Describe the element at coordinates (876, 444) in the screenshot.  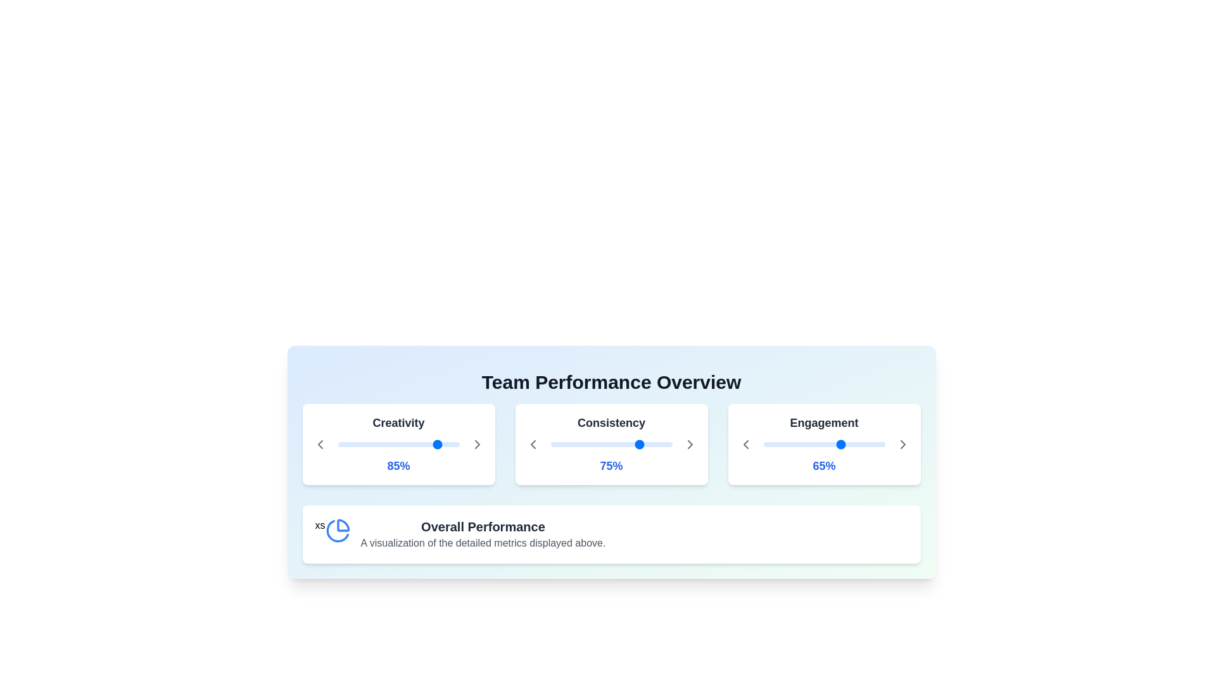
I see `engagement` at that location.